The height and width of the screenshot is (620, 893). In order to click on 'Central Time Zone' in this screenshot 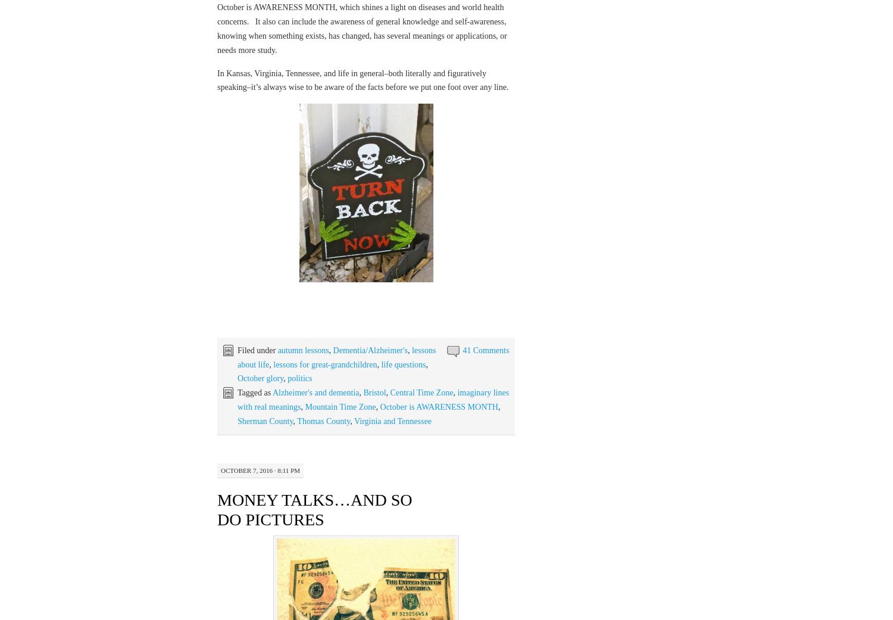, I will do `click(421, 392)`.